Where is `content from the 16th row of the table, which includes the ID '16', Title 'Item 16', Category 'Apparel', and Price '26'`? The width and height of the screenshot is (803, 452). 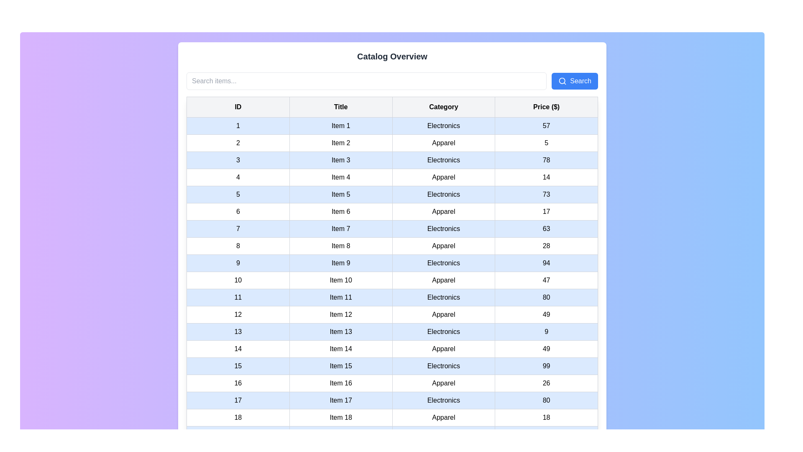
content from the 16th row of the table, which includes the ID '16', Title 'Item 16', Category 'Apparel', and Price '26' is located at coordinates (391, 383).